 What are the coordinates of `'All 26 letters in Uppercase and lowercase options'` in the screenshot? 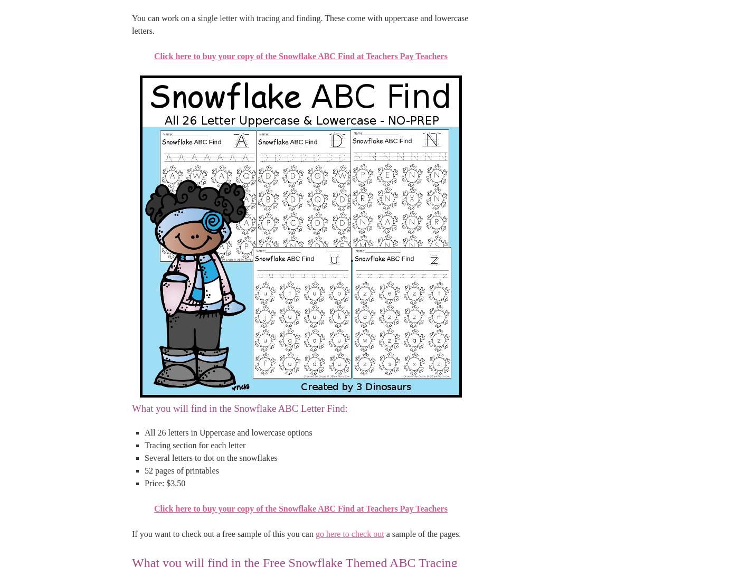 It's located at (228, 432).